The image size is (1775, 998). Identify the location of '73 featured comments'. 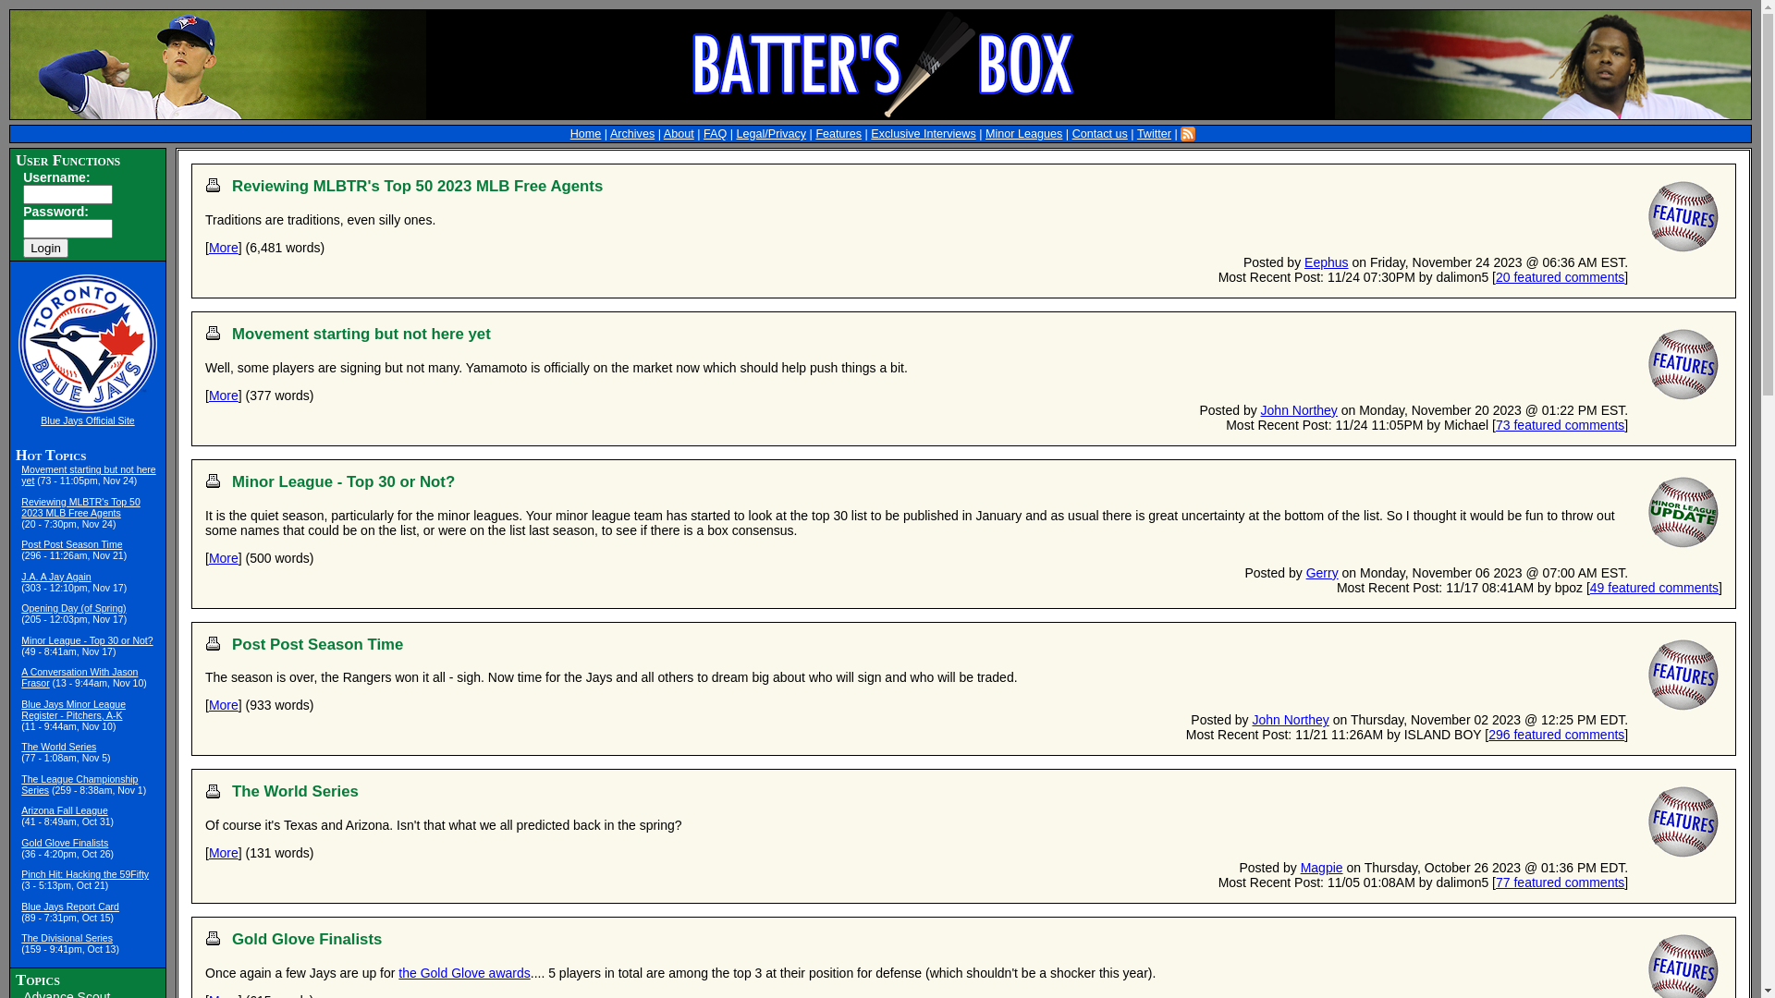
(1495, 424).